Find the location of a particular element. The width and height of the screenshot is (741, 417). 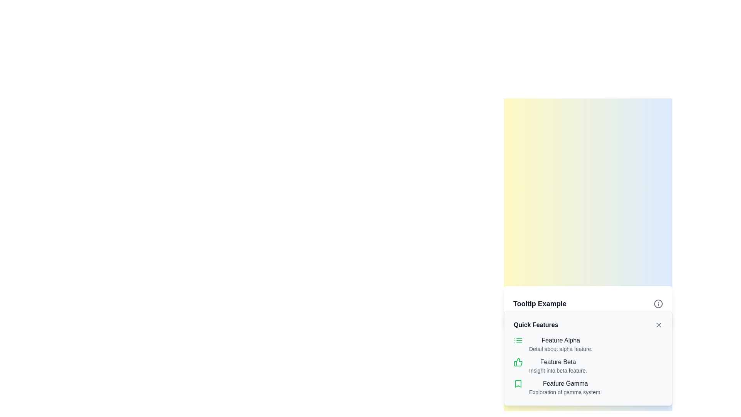

the text element displaying 'Tooltip Example', which is styled prominently in bold font and located in the header section at the top of the panel is located at coordinates (539, 303).